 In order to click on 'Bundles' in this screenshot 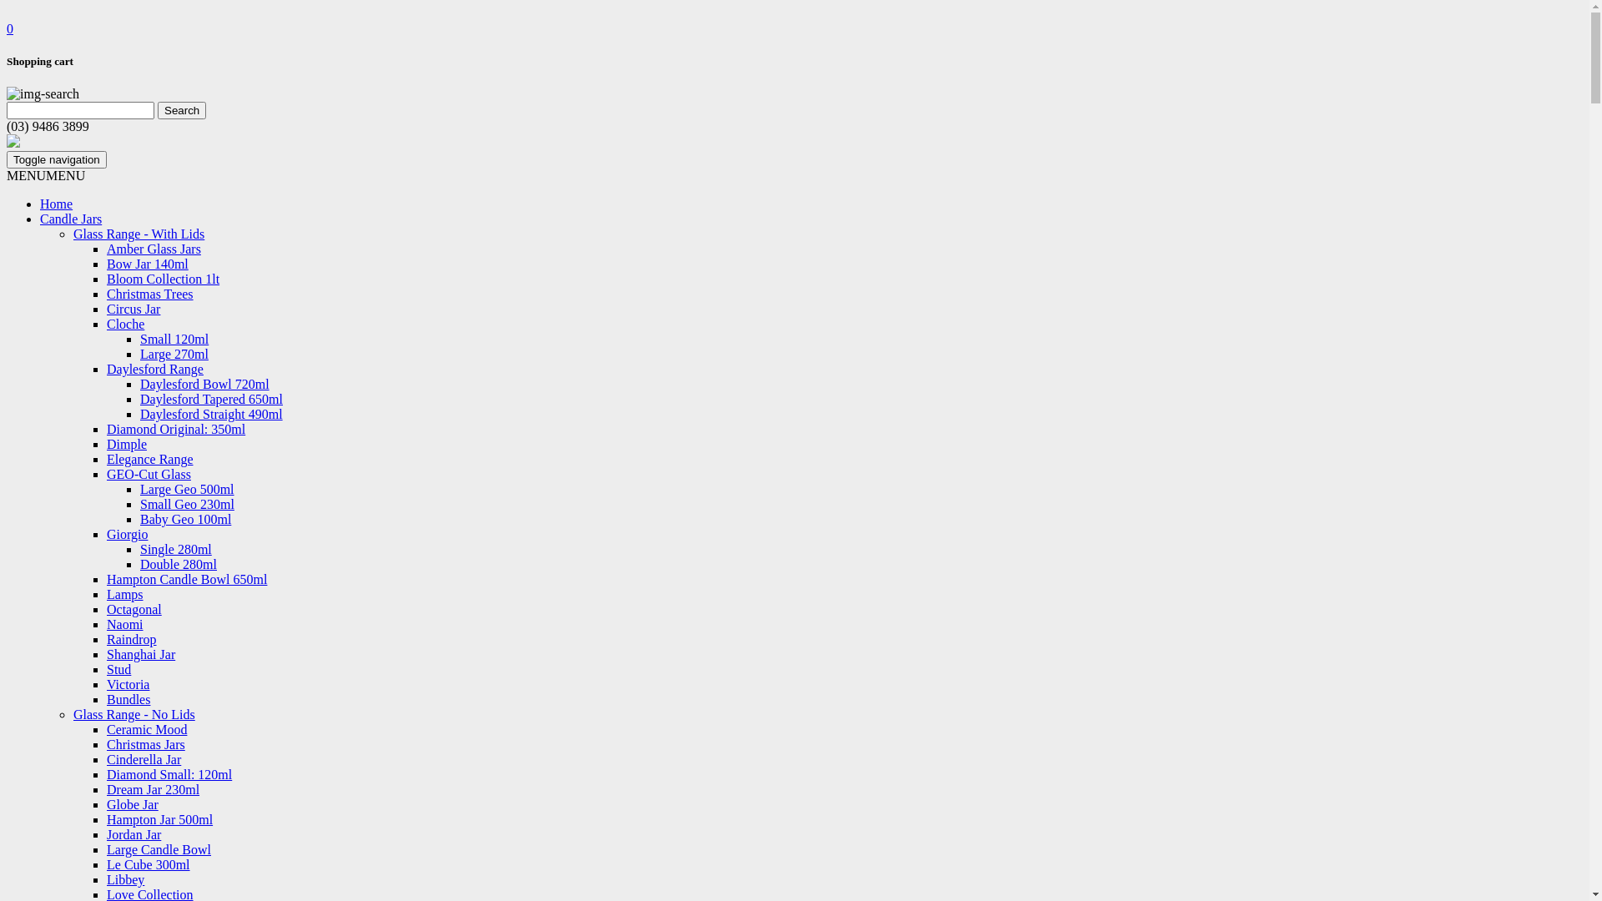, I will do `click(127, 699)`.